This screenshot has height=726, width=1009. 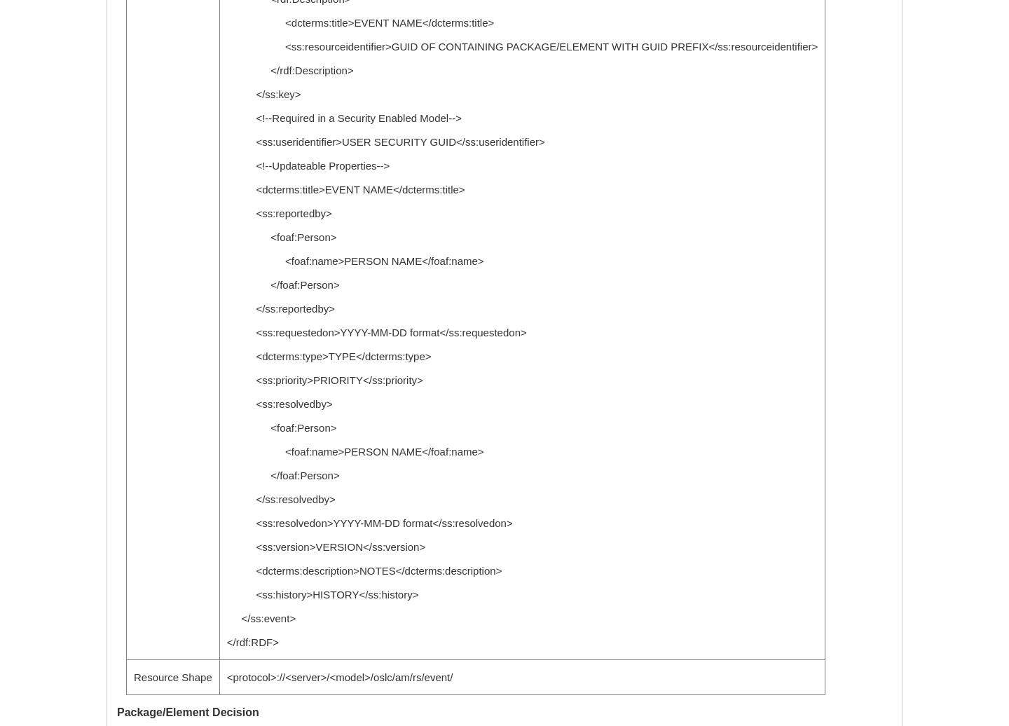 I want to click on '<ss:resourceidentifier>GUID OF CONTAINING PACKAGE/ELEMENT WITH GUID PREFIX</ss:resourceidentifier>', so click(x=521, y=46).